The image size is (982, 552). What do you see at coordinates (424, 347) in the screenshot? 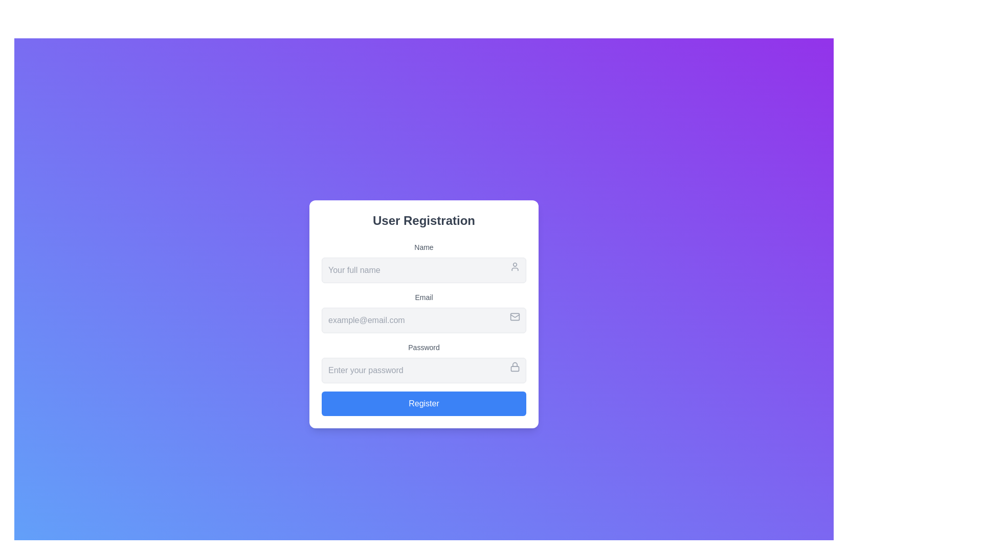
I see `label displaying the word 'Password' in a small, gray font, which is positioned above the password input field in the form interface` at bounding box center [424, 347].